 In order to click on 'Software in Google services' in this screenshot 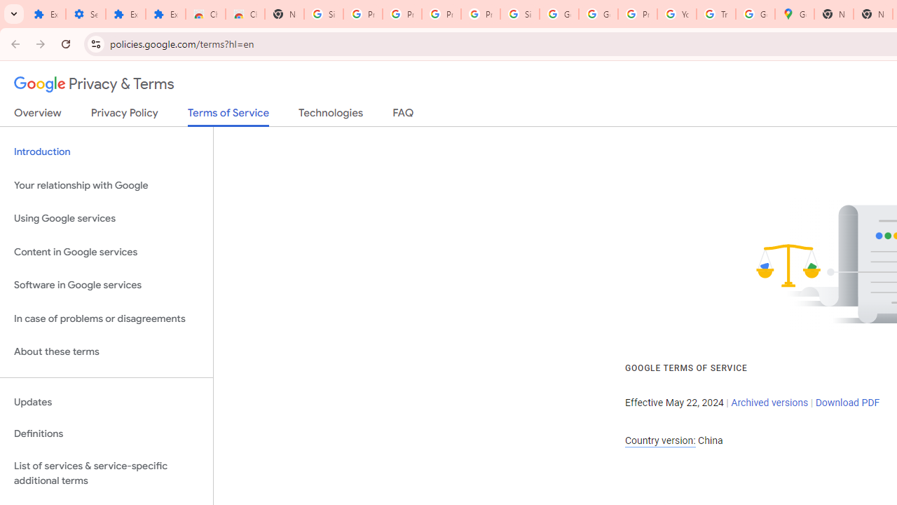, I will do `click(106, 285)`.